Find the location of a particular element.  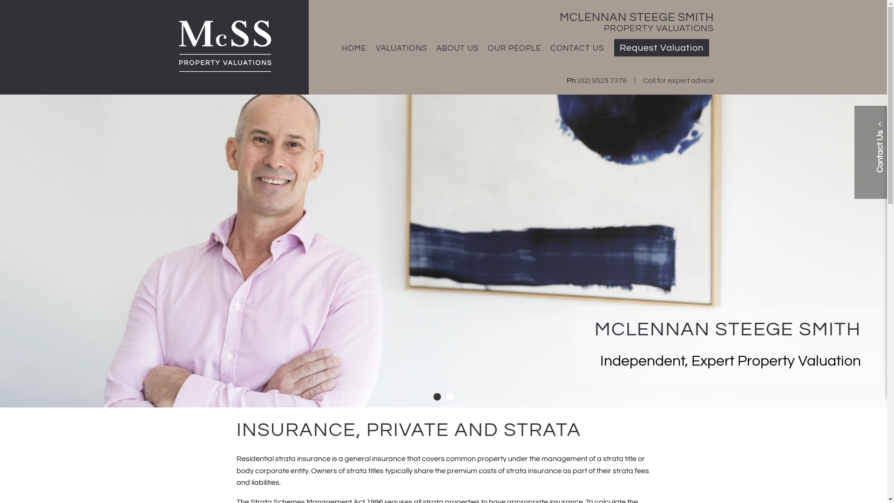

'(02) 9525 7378' is located at coordinates (578, 80).